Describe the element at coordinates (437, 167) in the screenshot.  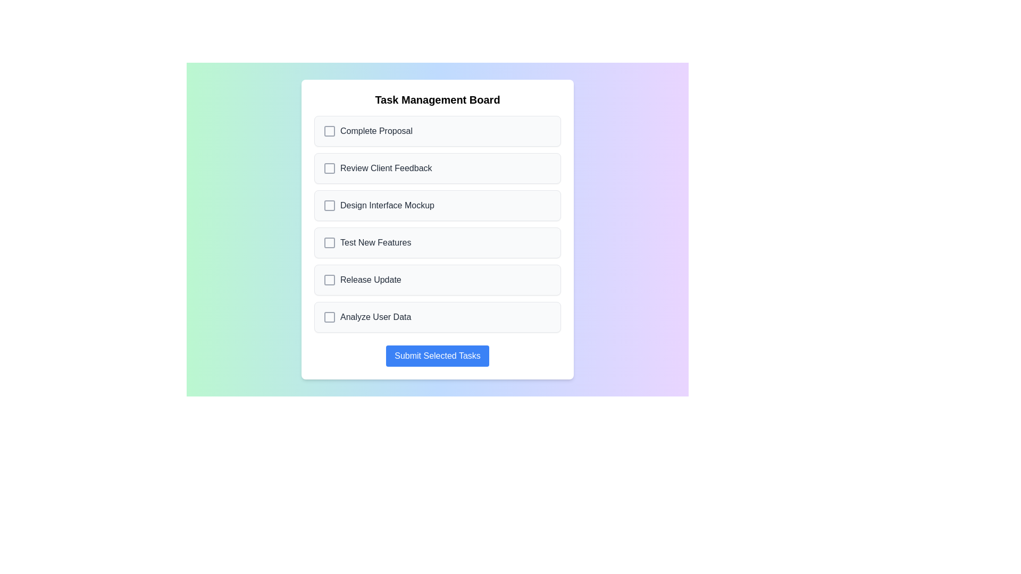
I see `the task named Review Client Feedback` at that location.